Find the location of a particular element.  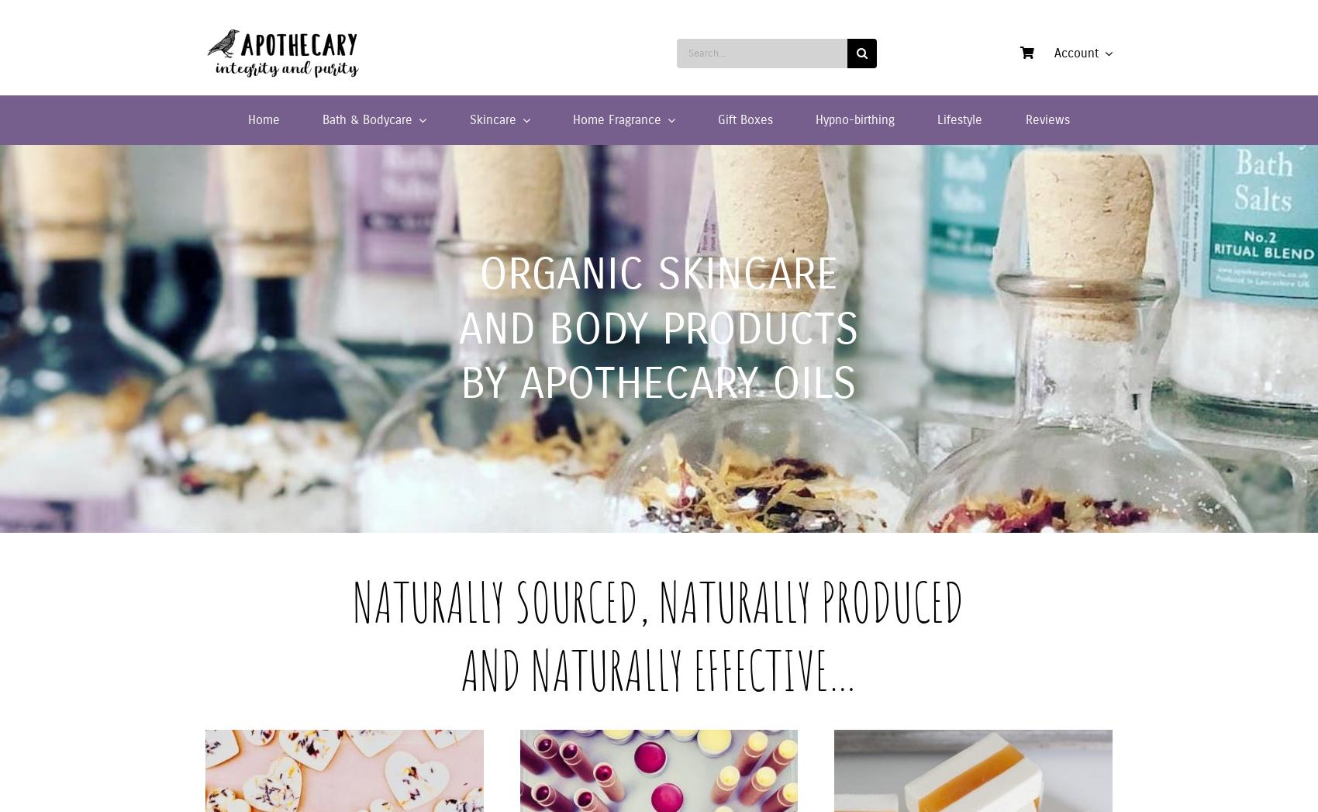

'Natural Reed Diffusers' is located at coordinates (383, 187).